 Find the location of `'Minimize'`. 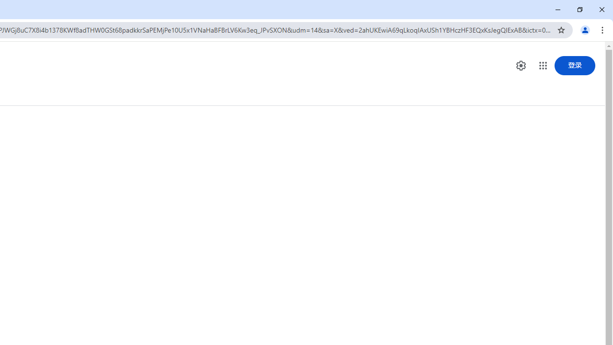

'Minimize' is located at coordinates (558, 10).